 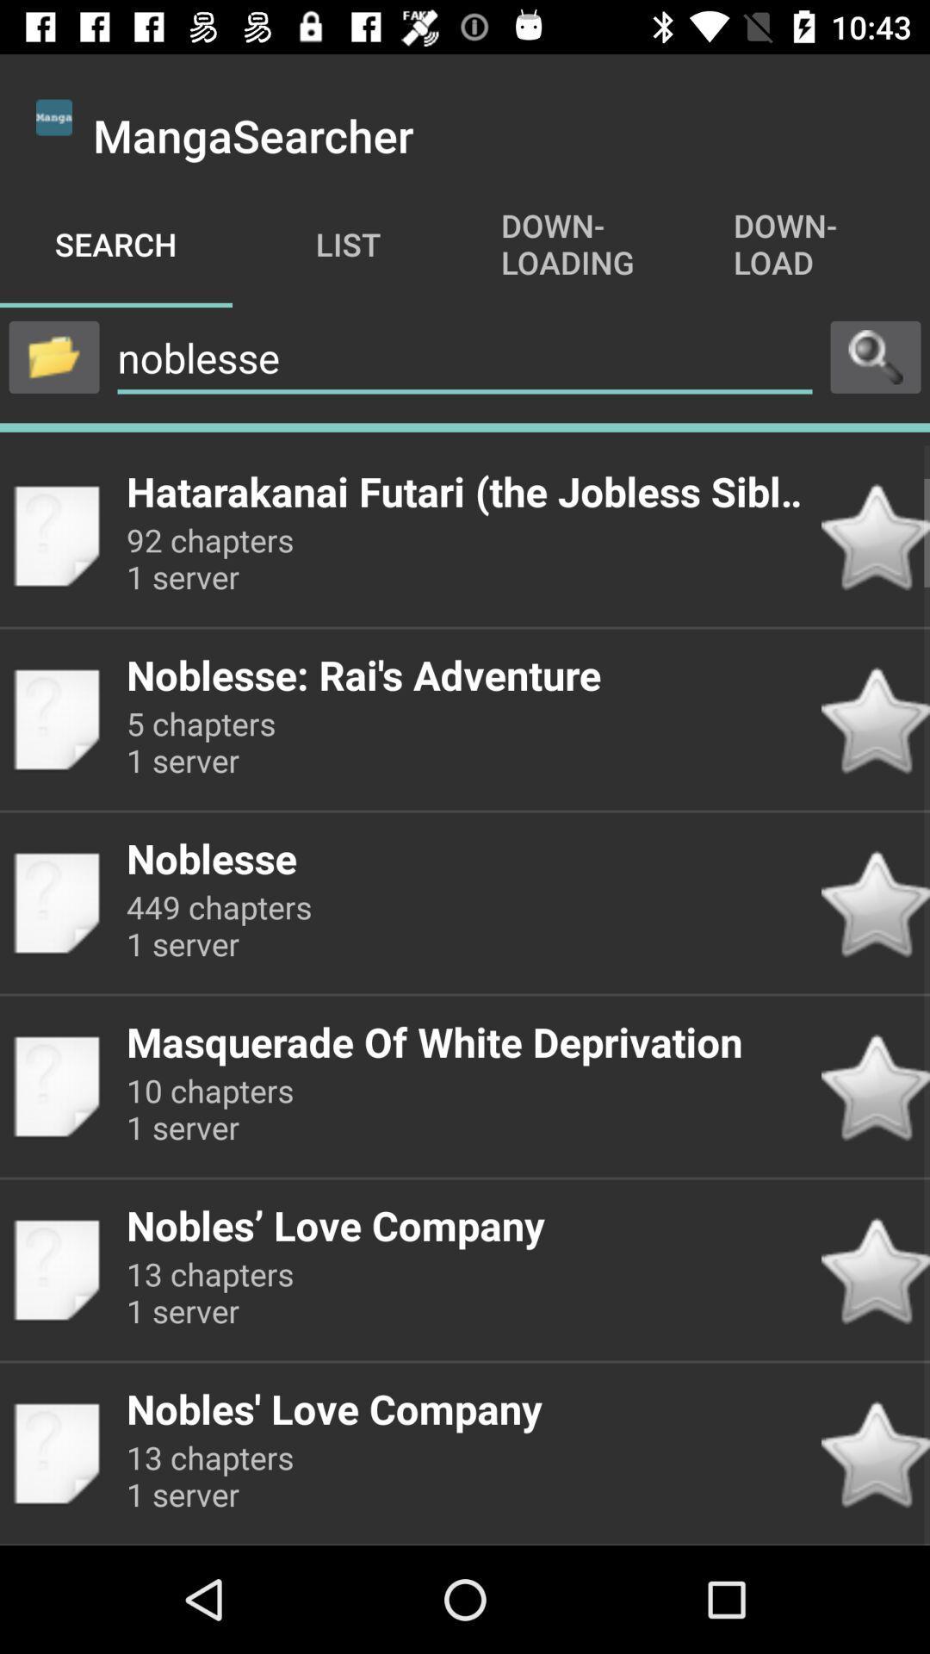 I want to click on the search icon, so click(x=876, y=356).